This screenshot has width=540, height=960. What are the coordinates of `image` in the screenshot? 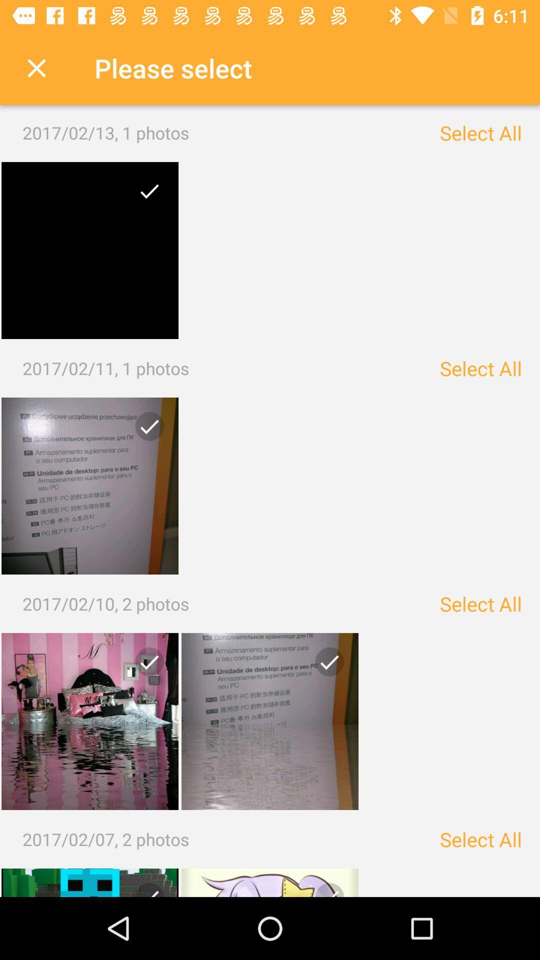 It's located at (270, 882).